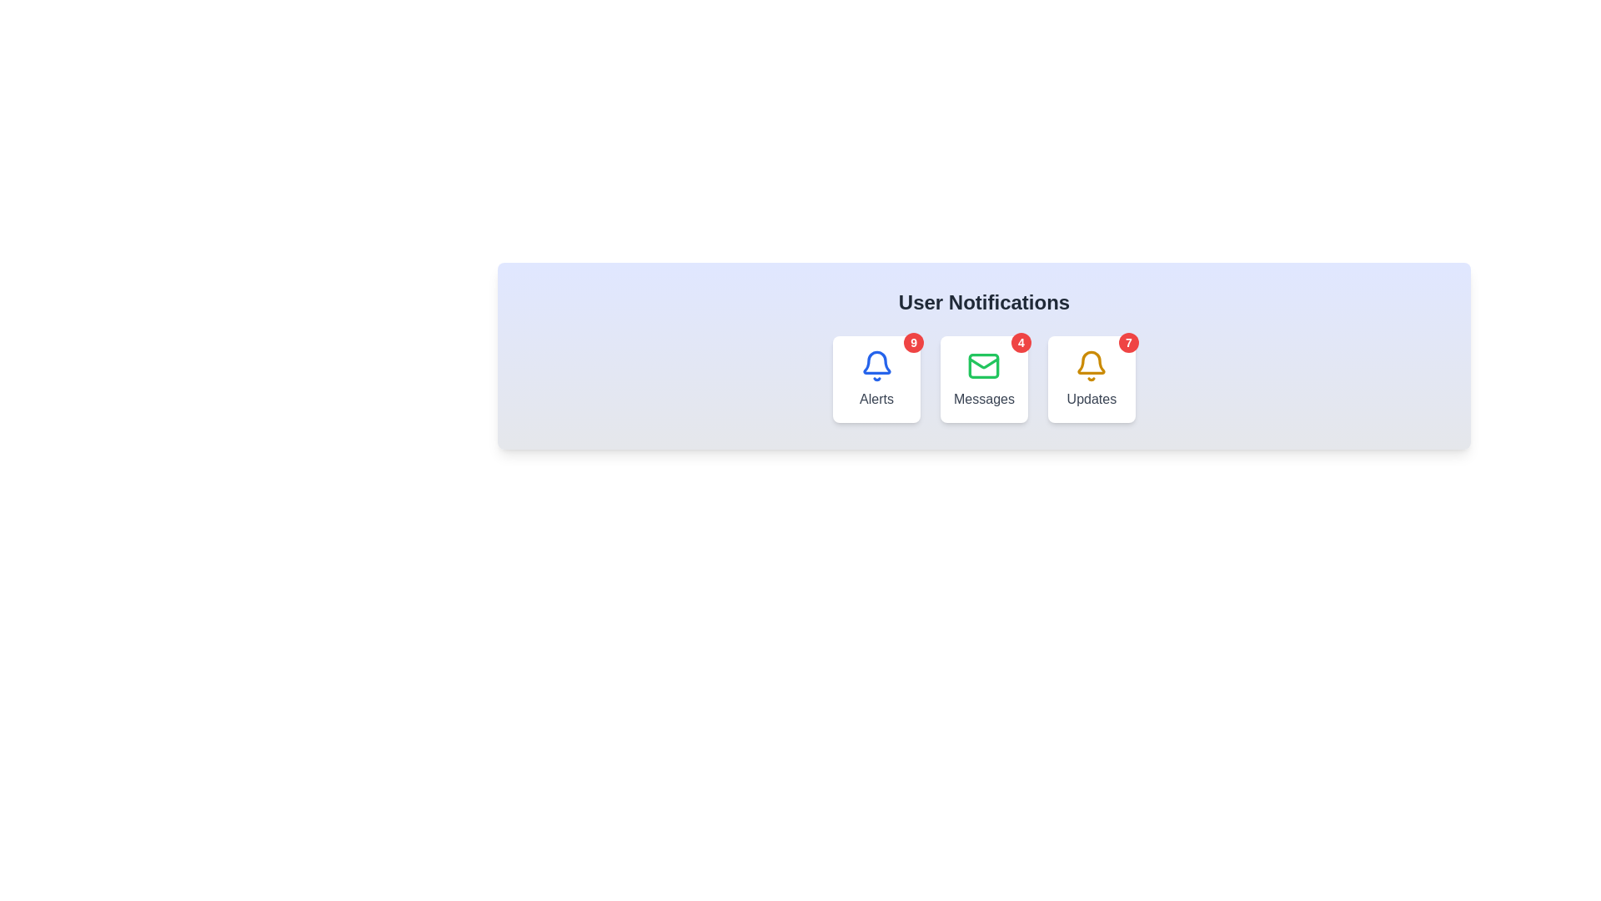 This screenshot has height=901, width=1601. What do you see at coordinates (1128, 342) in the screenshot?
I see `badge indicator showing the number of pending updates, located at the top-right corner of the 'Updates' card, above the bell icon` at bounding box center [1128, 342].